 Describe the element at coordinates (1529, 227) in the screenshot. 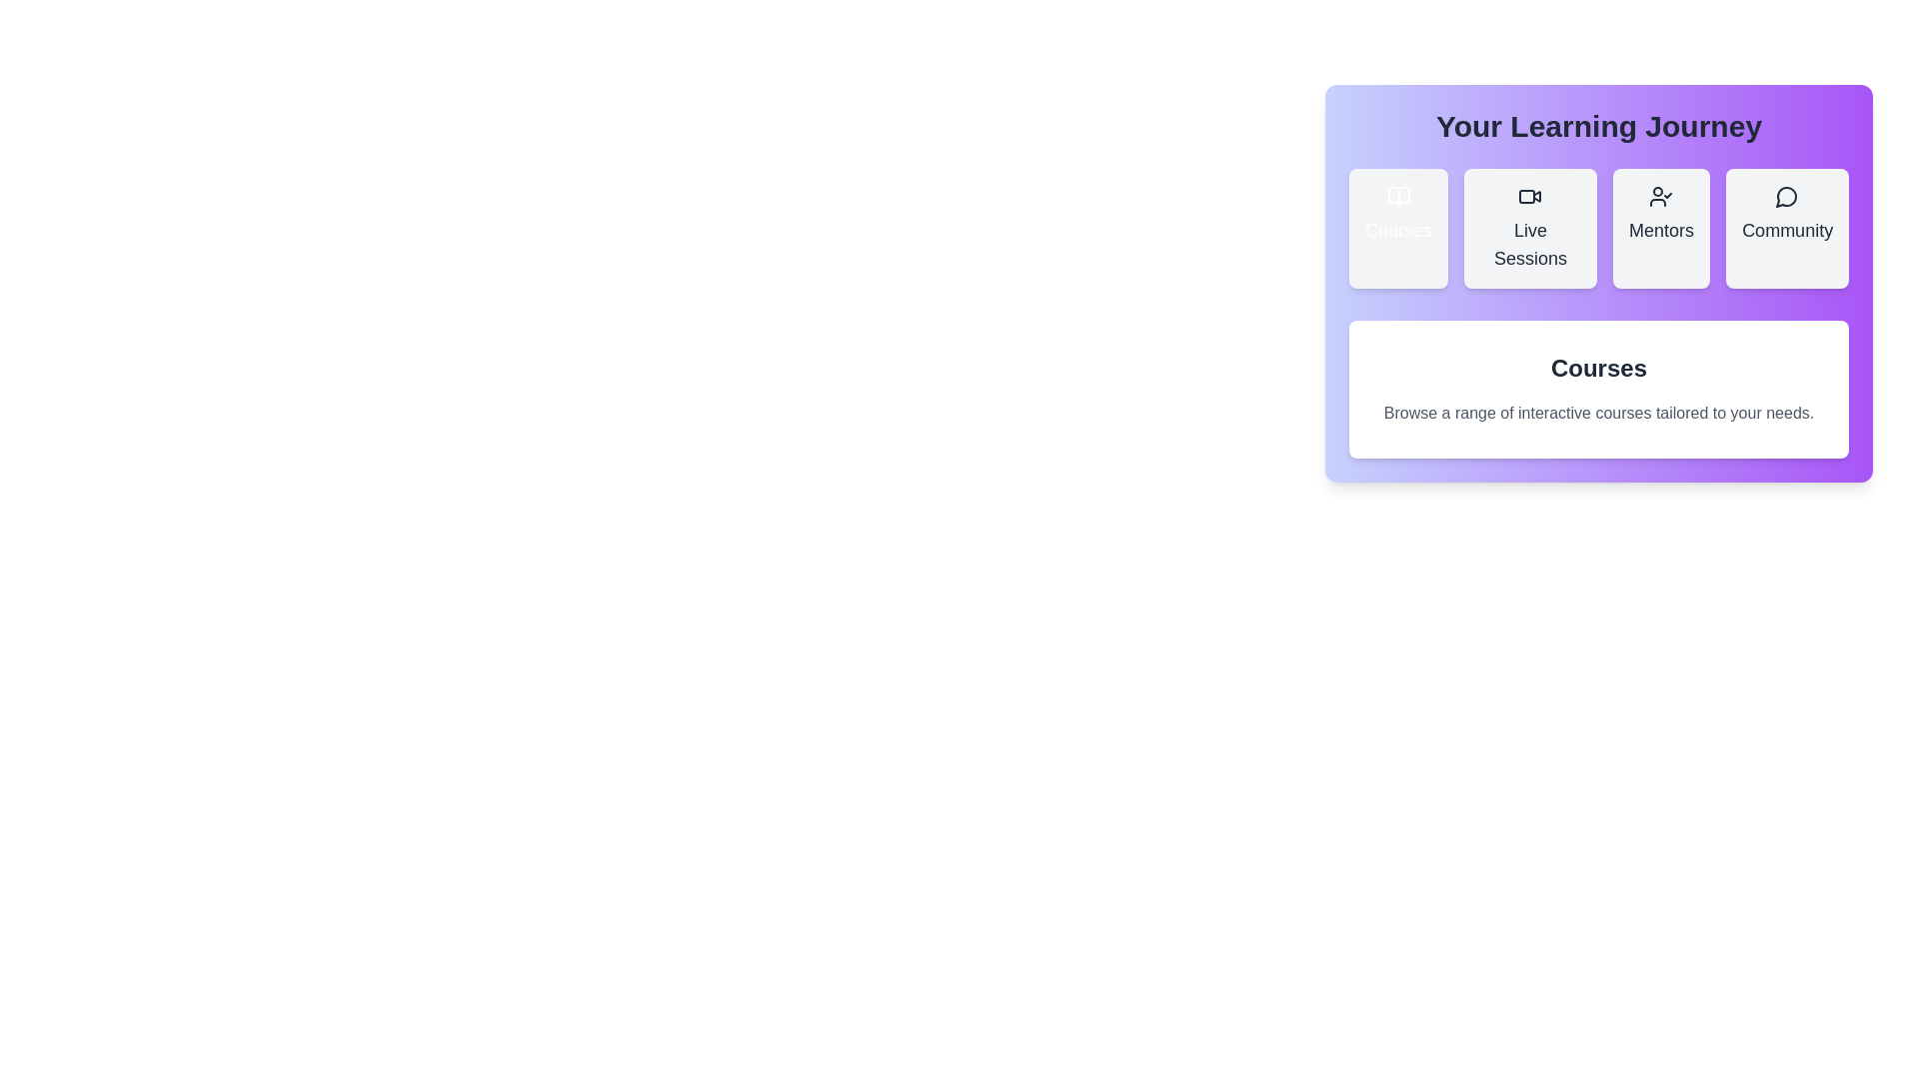

I see `the tab with title Live Sessions to inspect its icon and title` at that location.